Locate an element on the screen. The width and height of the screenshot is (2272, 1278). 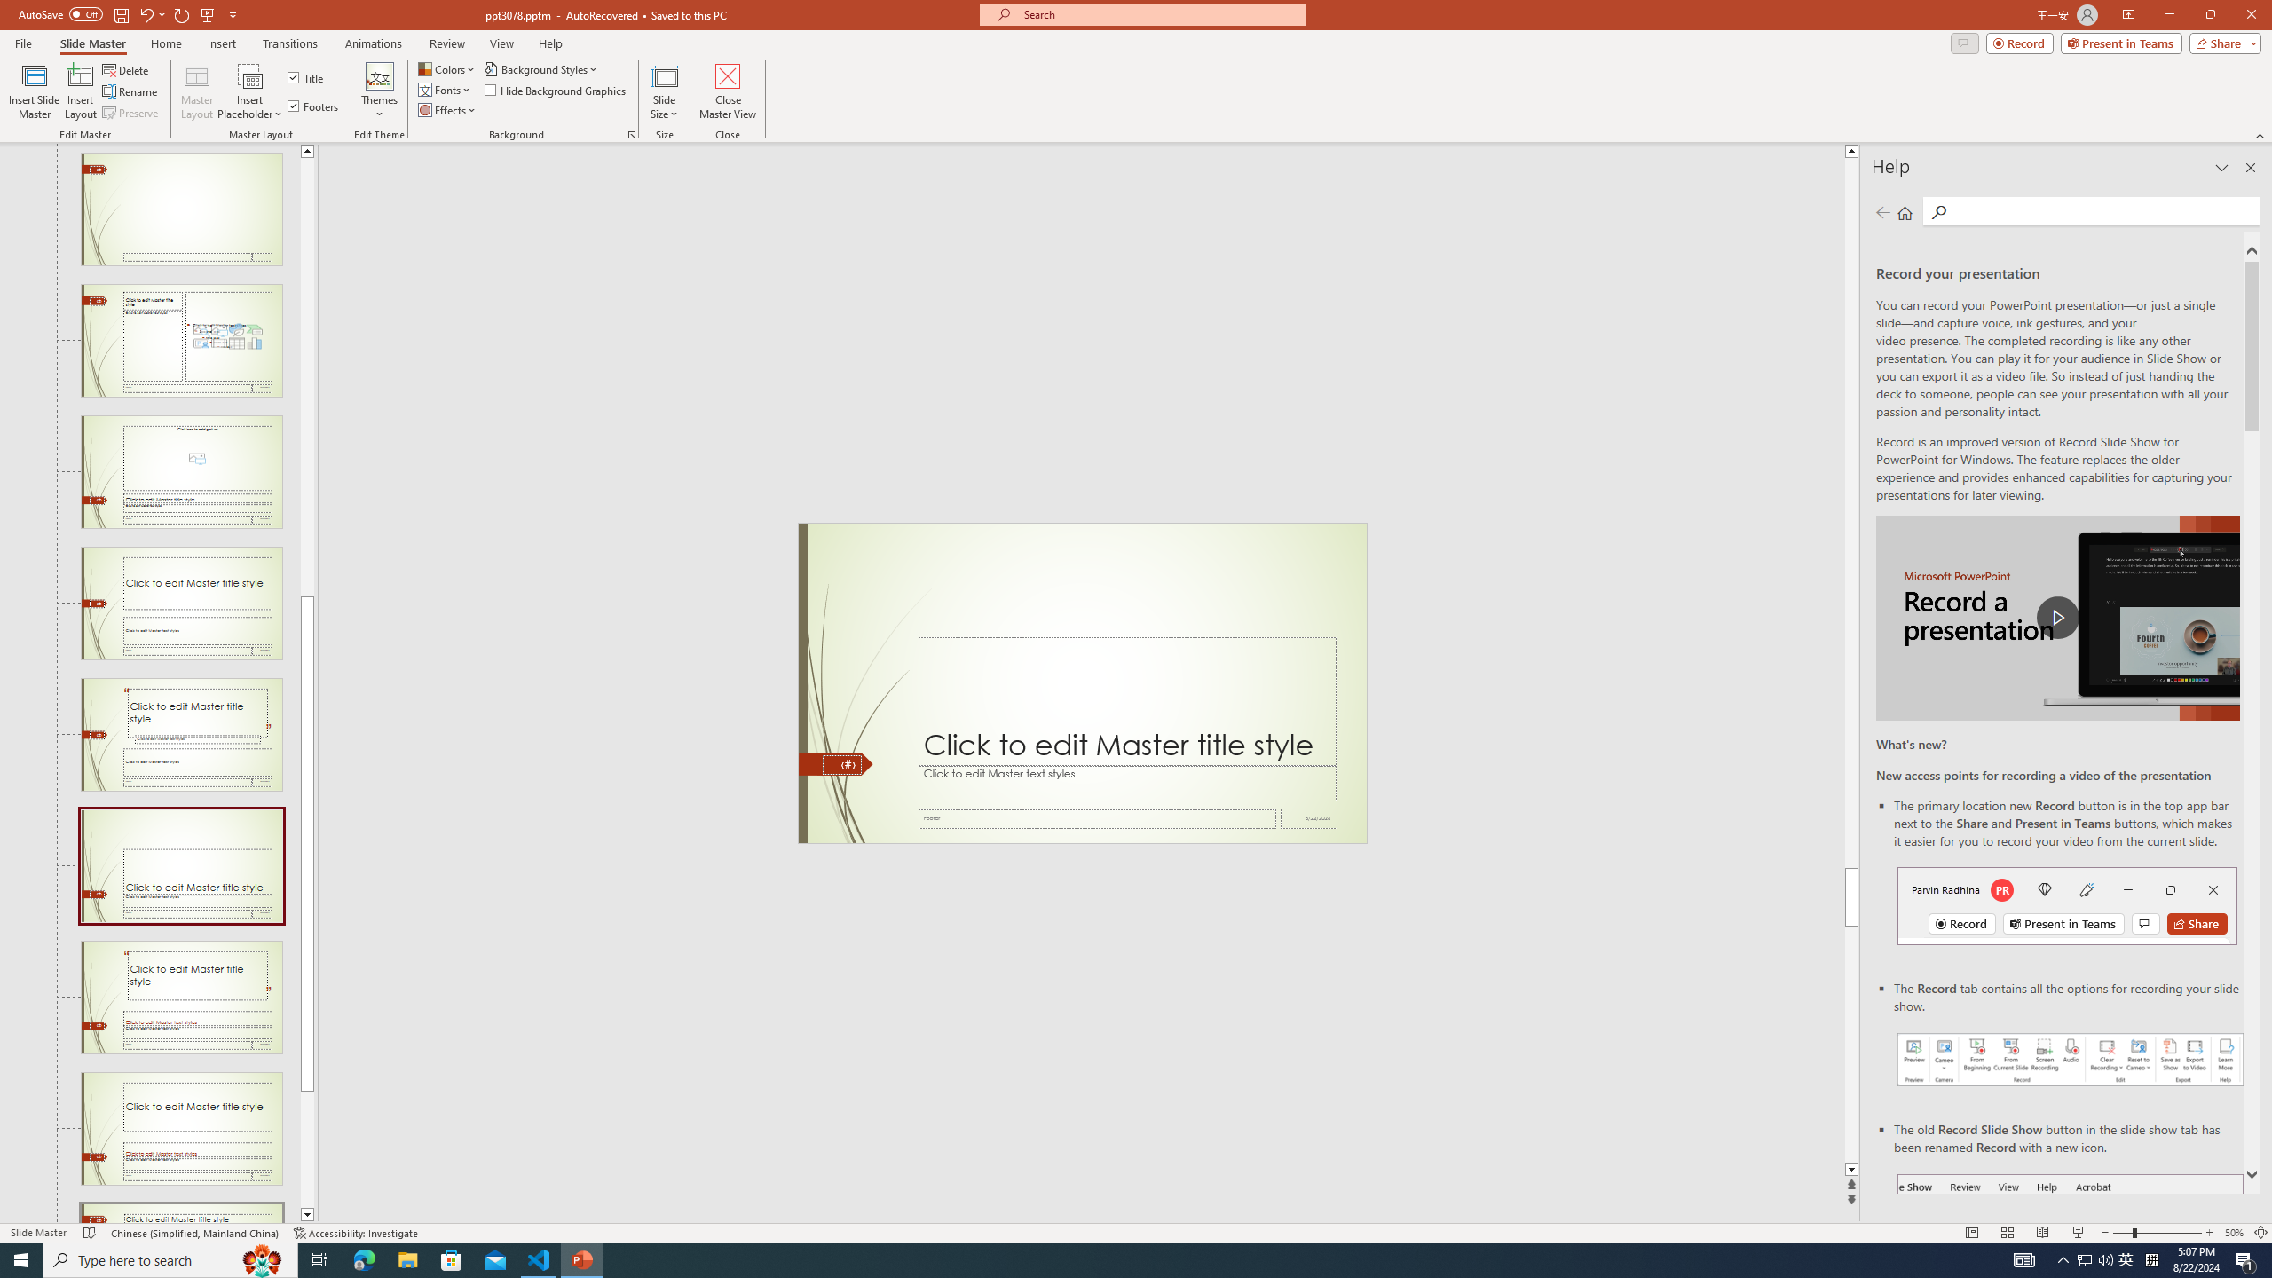
'play Record a Presentation' is located at coordinates (2057, 618).